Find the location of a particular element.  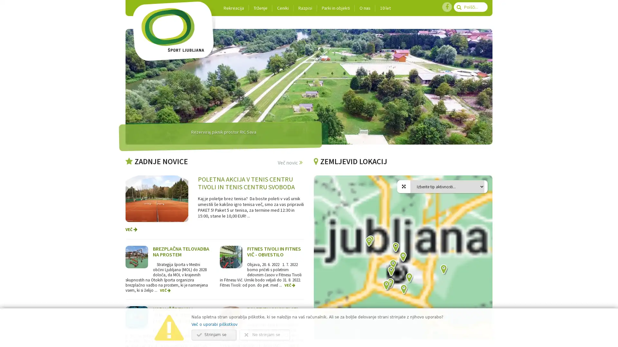

Preklopi v celozaslonski pogled is located at coordinates (482, 185).